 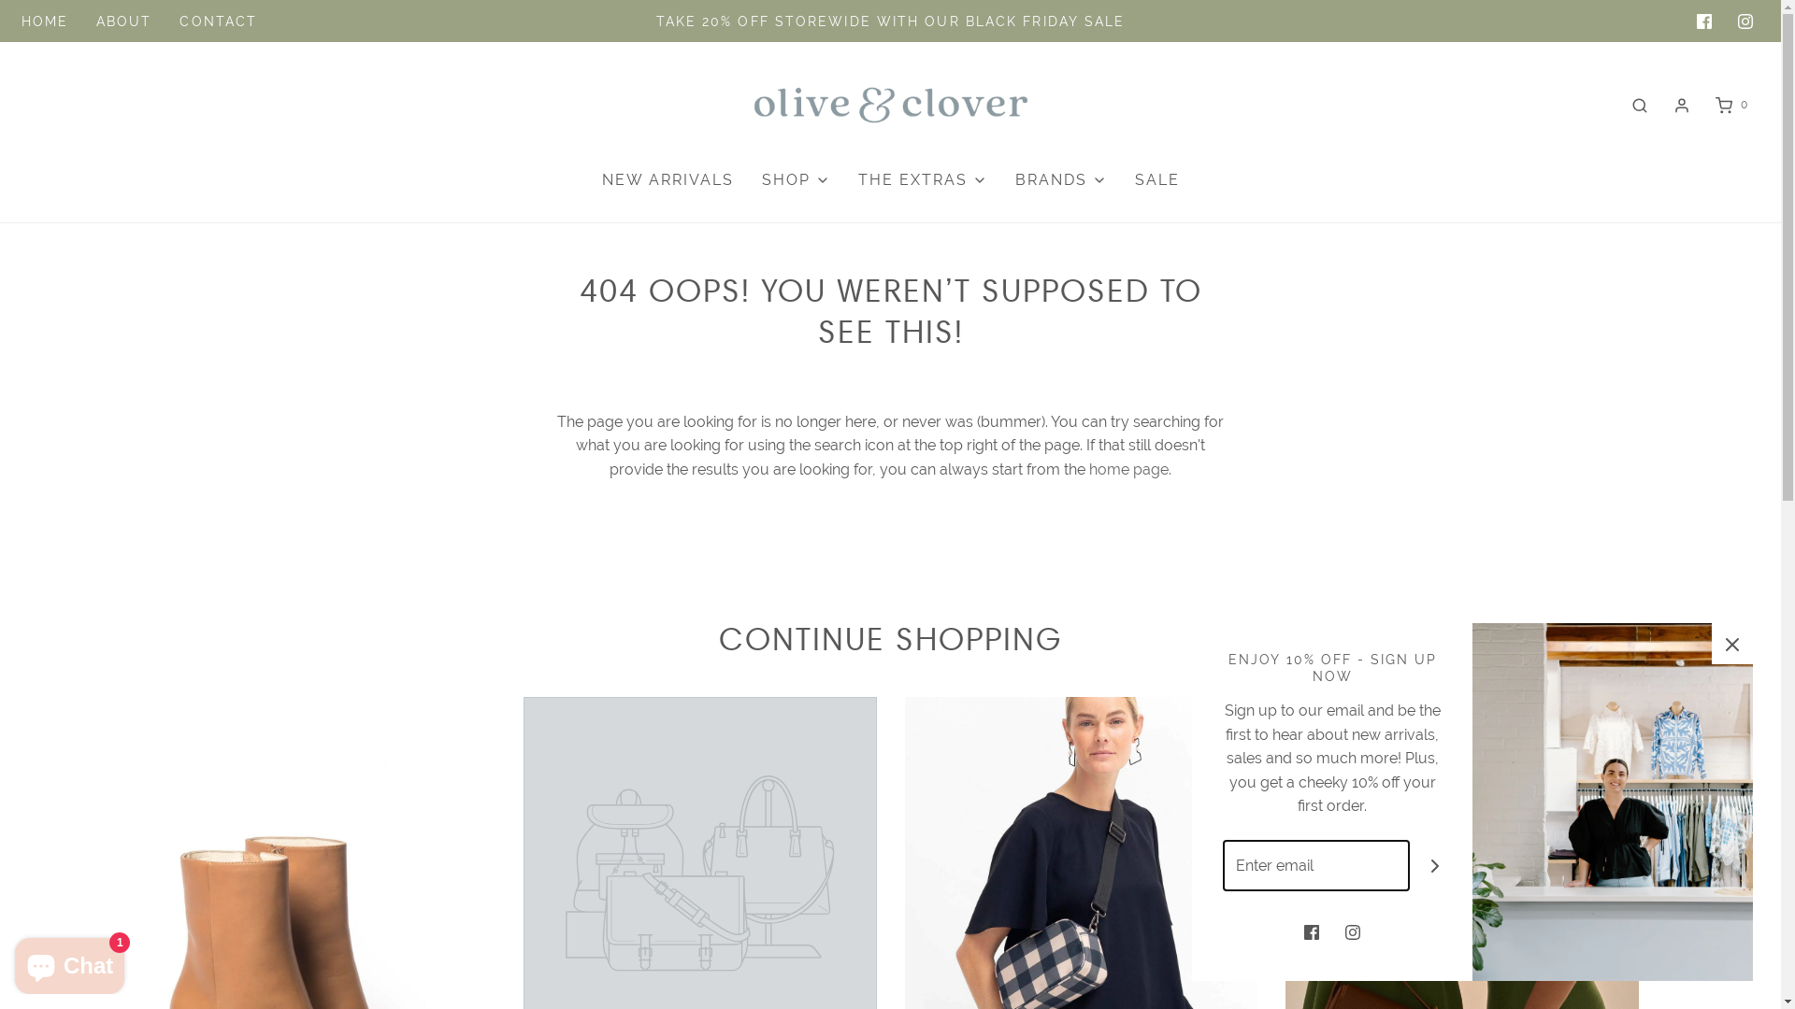 I want to click on '0', so click(x=1729, y=105).